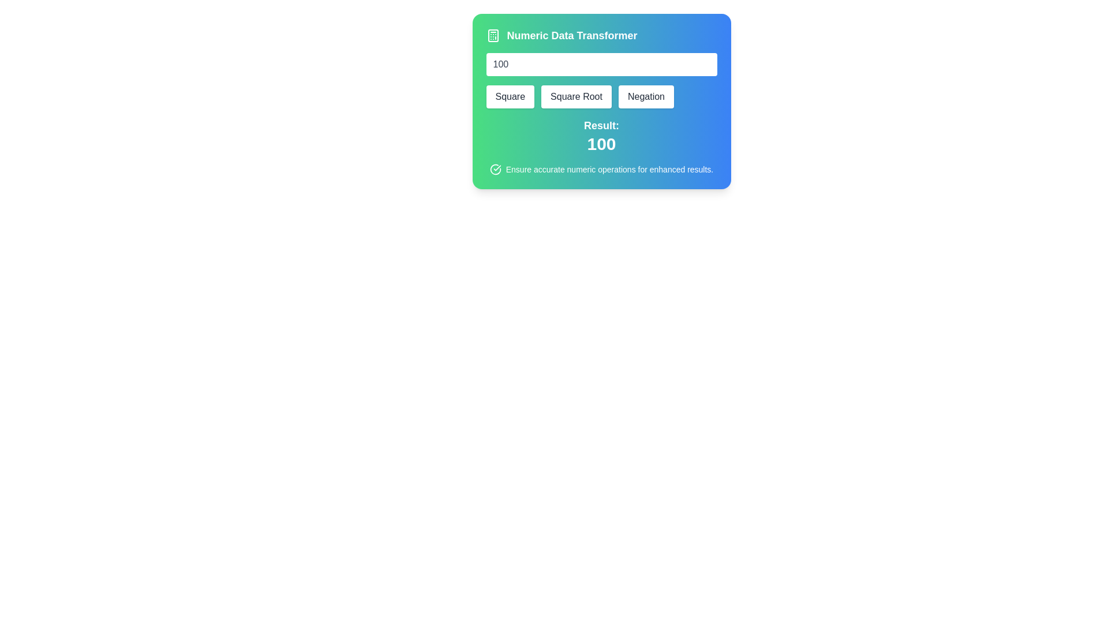  I want to click on the Label with a green check-circle icon and the text 'Ensure accurate numeric operations for enhanced results.' which is located below the numerical result value '100', so click(601, 169).